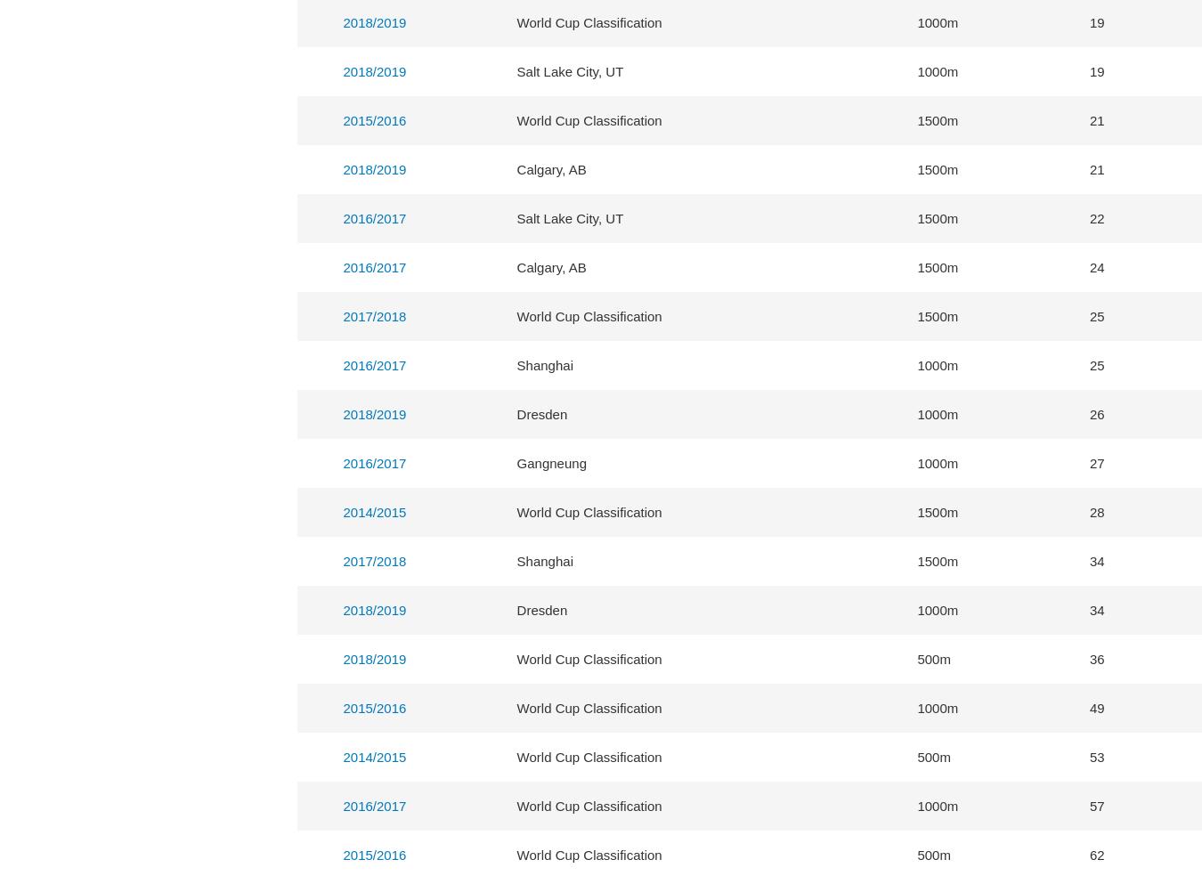 This screenshot has width=1202, height=876. What do you see at coordinates (1096, 511) in the screenshot?
I see `'28'` at bounding box center [1096, 511].